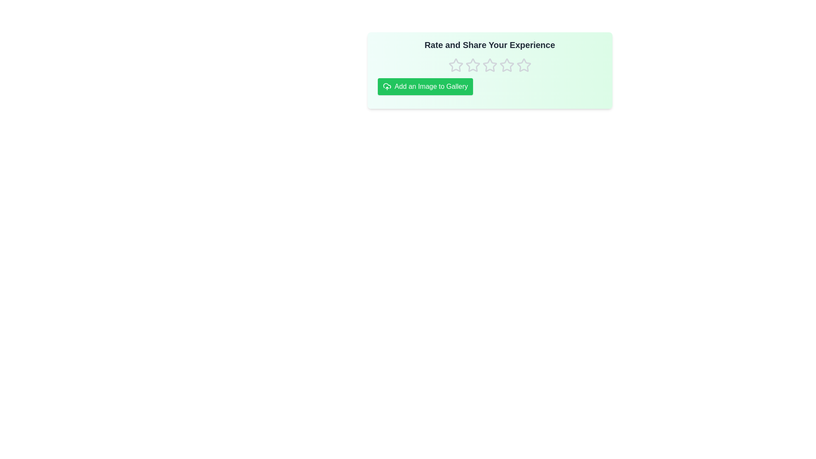  What do you see at coordinates (472, 65) in the screenshot?
I see `the rating to 2 stars by clicking on the corresponding star` at bounding box center [472, 65].